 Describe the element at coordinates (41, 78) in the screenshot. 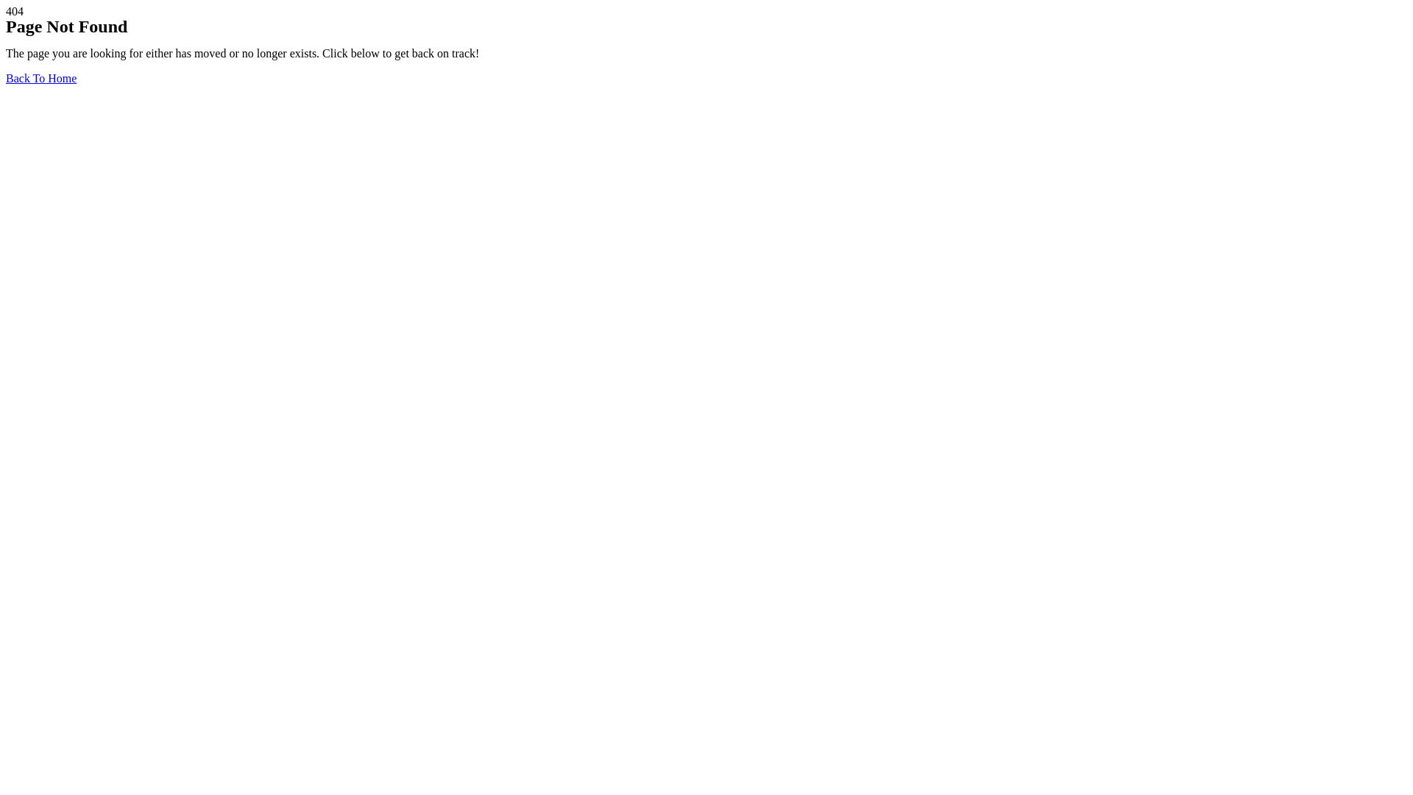

I see `'Back To Home'` at that location.